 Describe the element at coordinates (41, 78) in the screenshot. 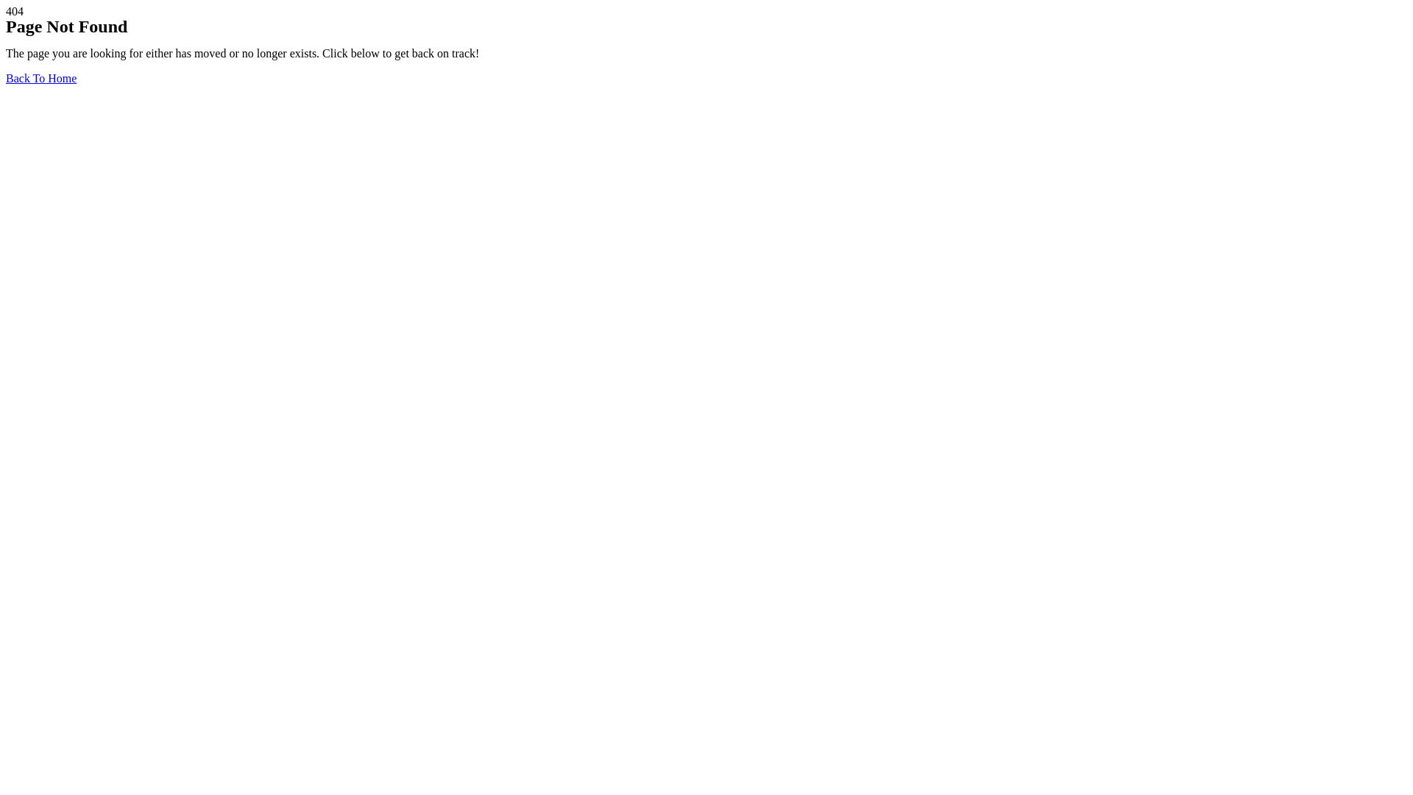

I see `'Back To Home'` at that location.